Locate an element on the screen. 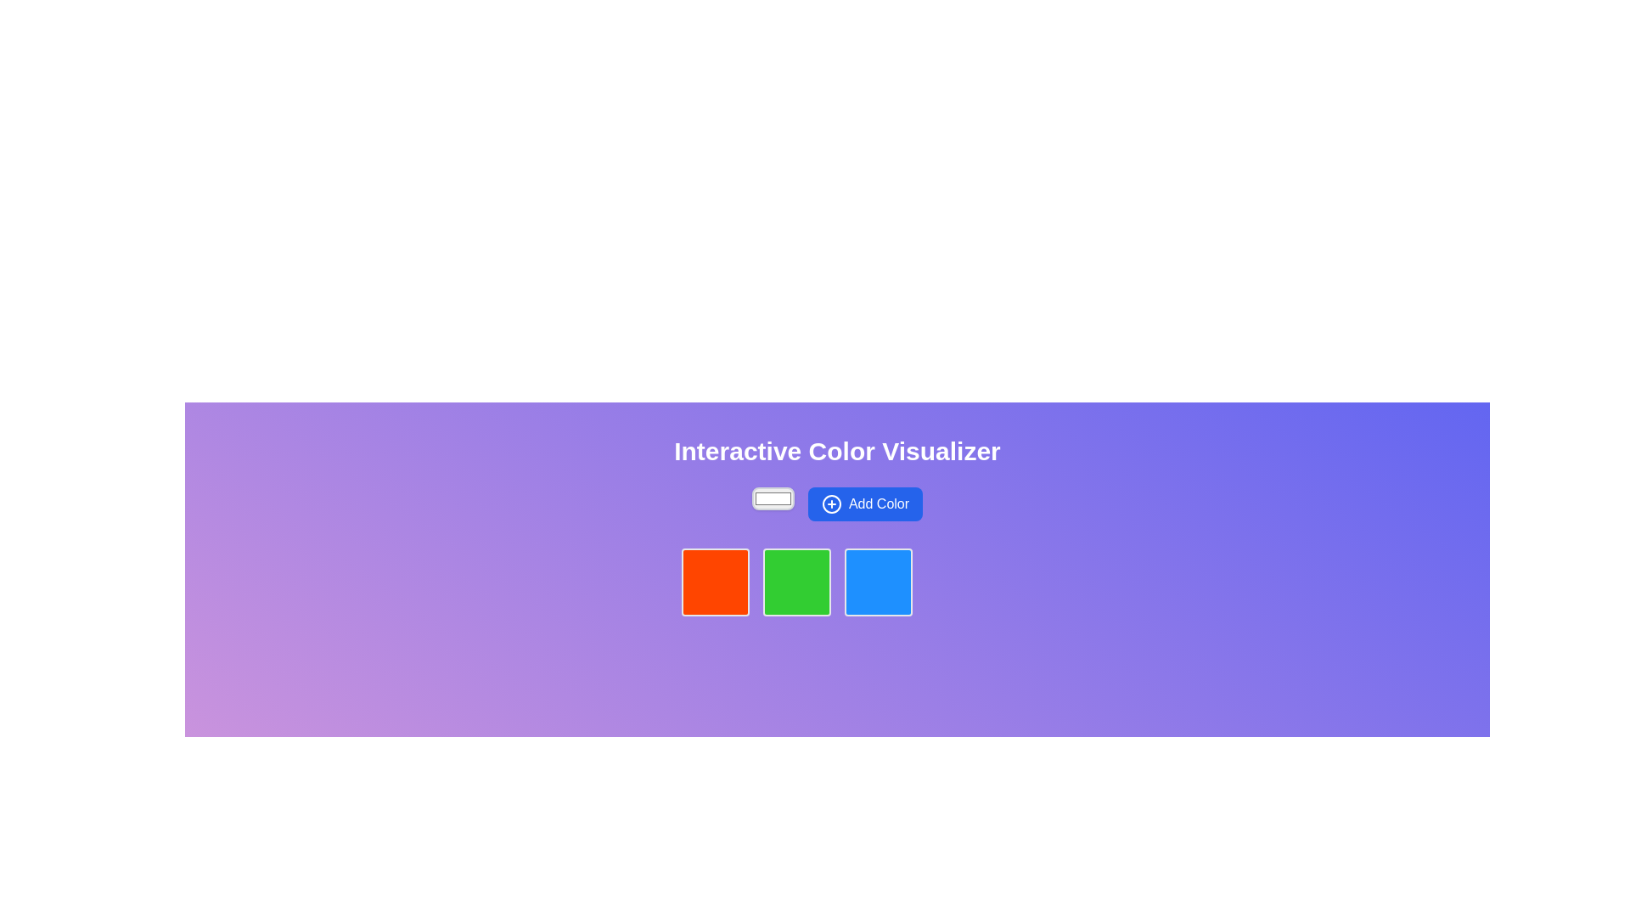 The height and width of the screenshot is (917, 1630). the text label within the button that adds a new color to the visualizer, located on the right side of the central panel is located at coordinates (879, 504).